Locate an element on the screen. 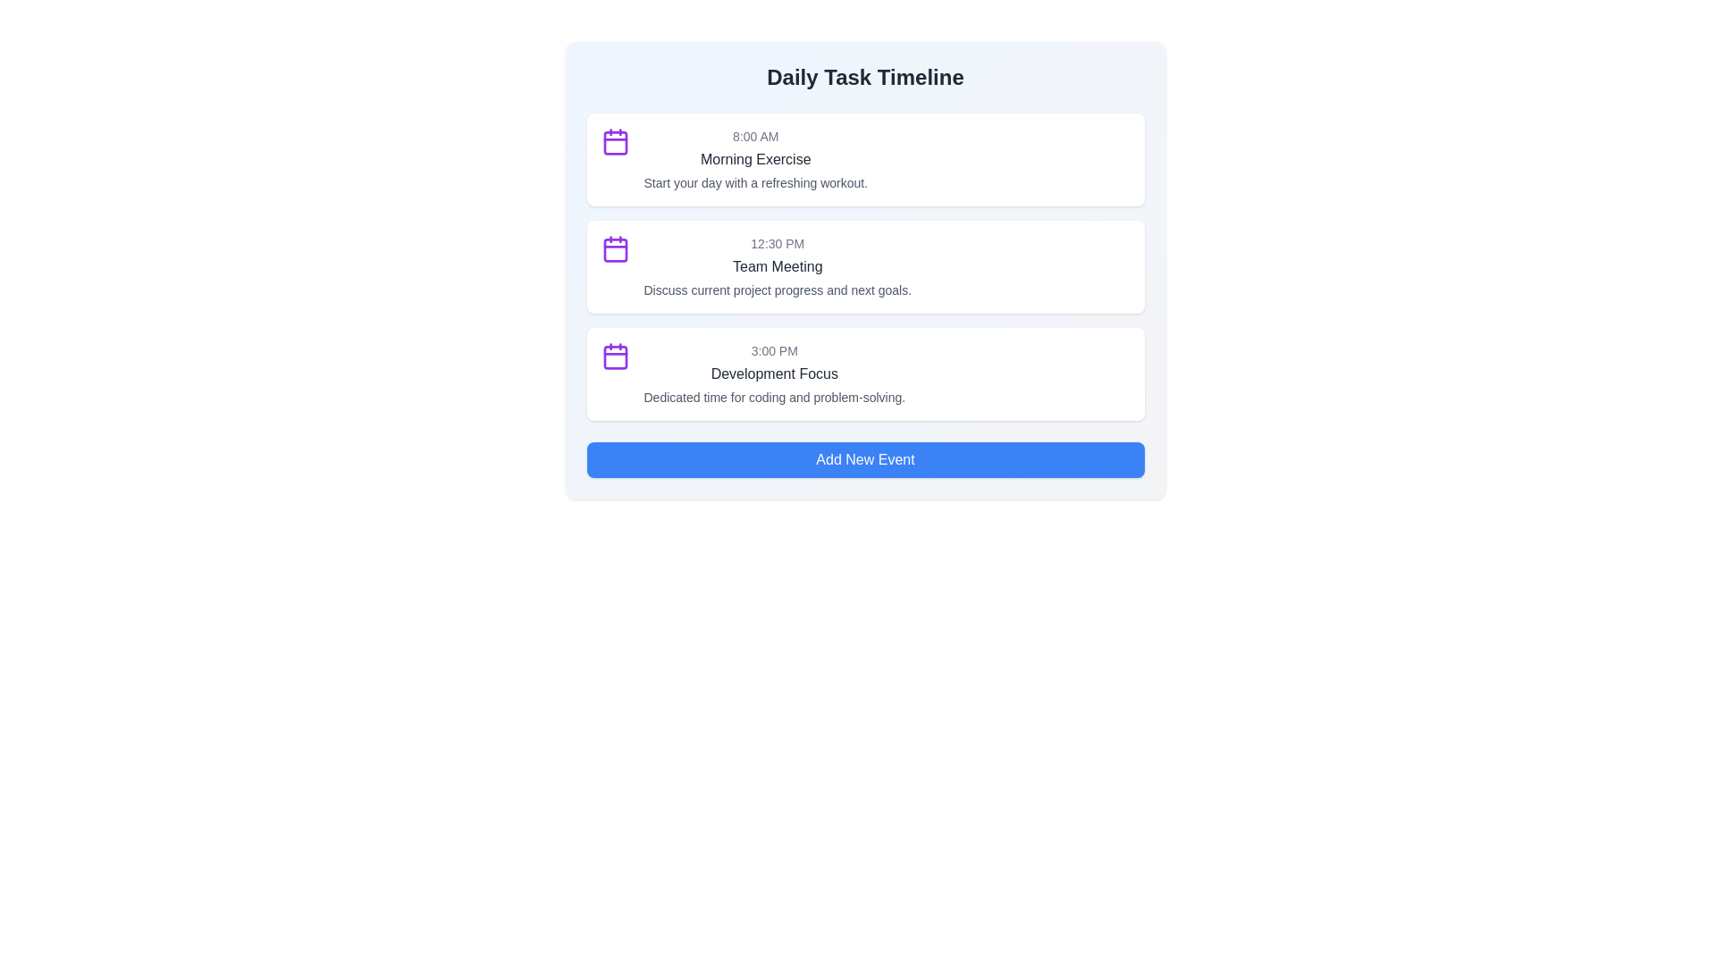 The height and width of the screenshot is (965, 1716). the text description element that provides details about the 'Team Meeting' event, positioned beneath the title 'Team Meeting' and above the time '12:30 PM' is located at coordinates (778, 289).